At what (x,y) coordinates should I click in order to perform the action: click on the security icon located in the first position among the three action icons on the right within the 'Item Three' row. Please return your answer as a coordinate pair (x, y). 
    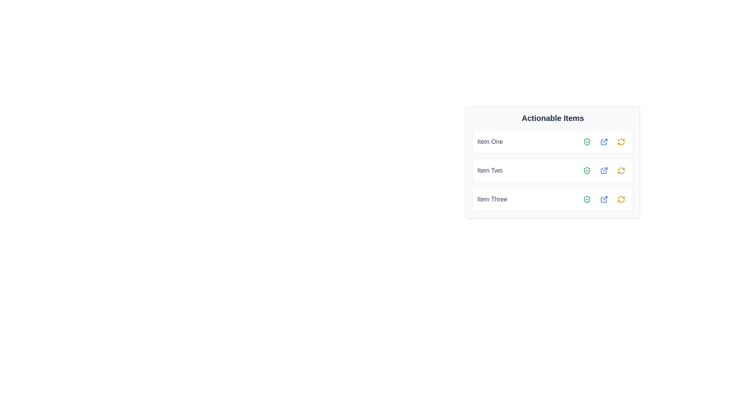
    Looking at the image, I should click on (587, 199).